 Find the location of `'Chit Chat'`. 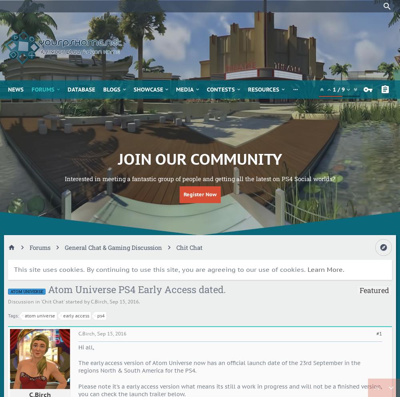

'Chit Chat' is located at coordinates (53, 301).